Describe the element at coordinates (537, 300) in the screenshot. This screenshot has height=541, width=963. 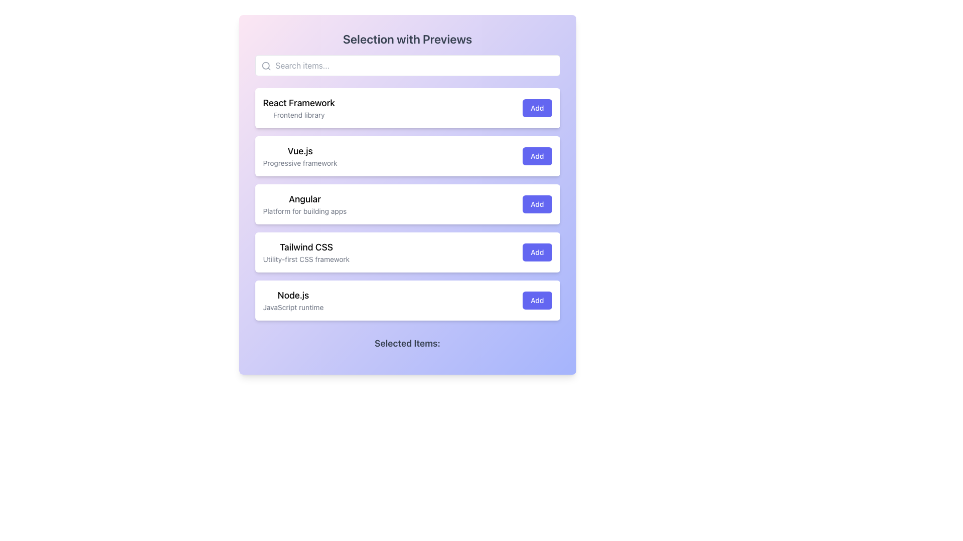
I see `the 'Add' button, which is a rectangular button with white text on a blue background, located to the far right within the 'Node.js' section` at that location.